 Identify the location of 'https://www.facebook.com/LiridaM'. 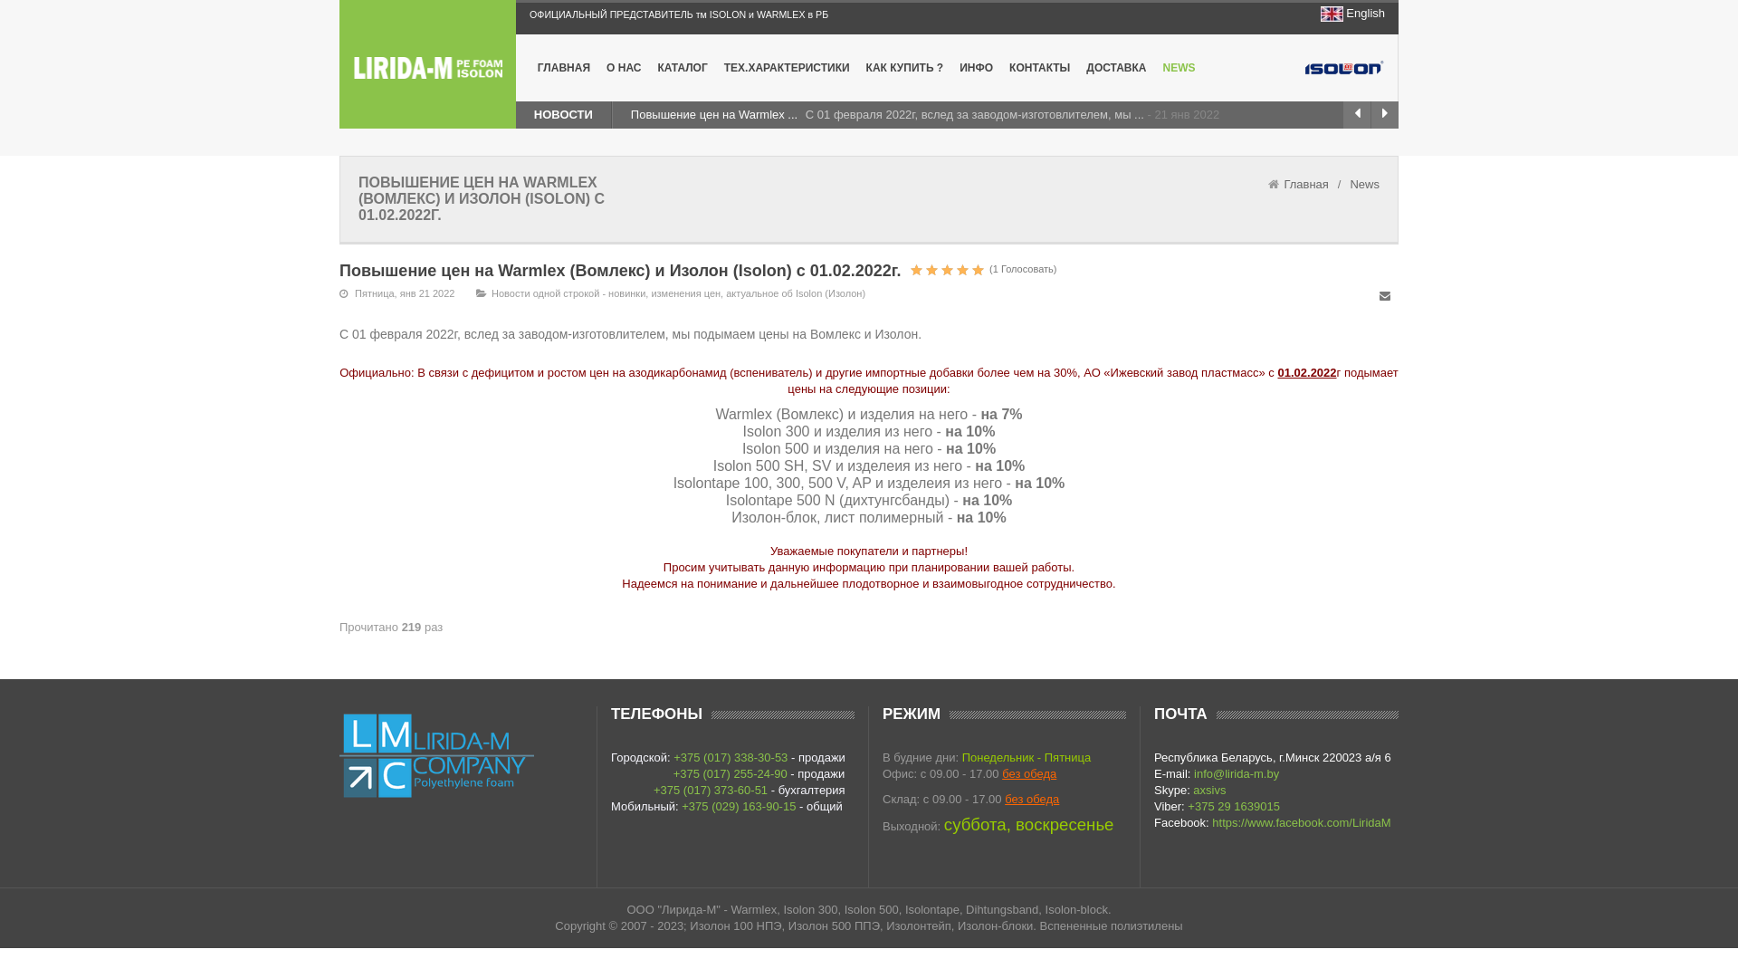
(1212, 822).